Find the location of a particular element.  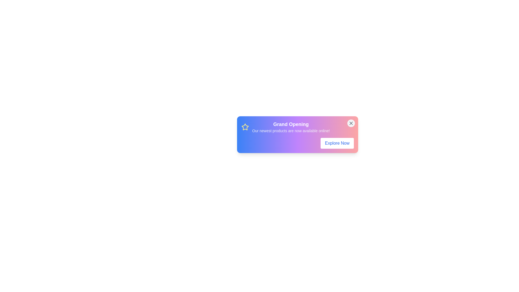

the close or dismiss button represented by a small 'X' icon located in the top-right corner of the notification card is located at coordinates (351, 123).